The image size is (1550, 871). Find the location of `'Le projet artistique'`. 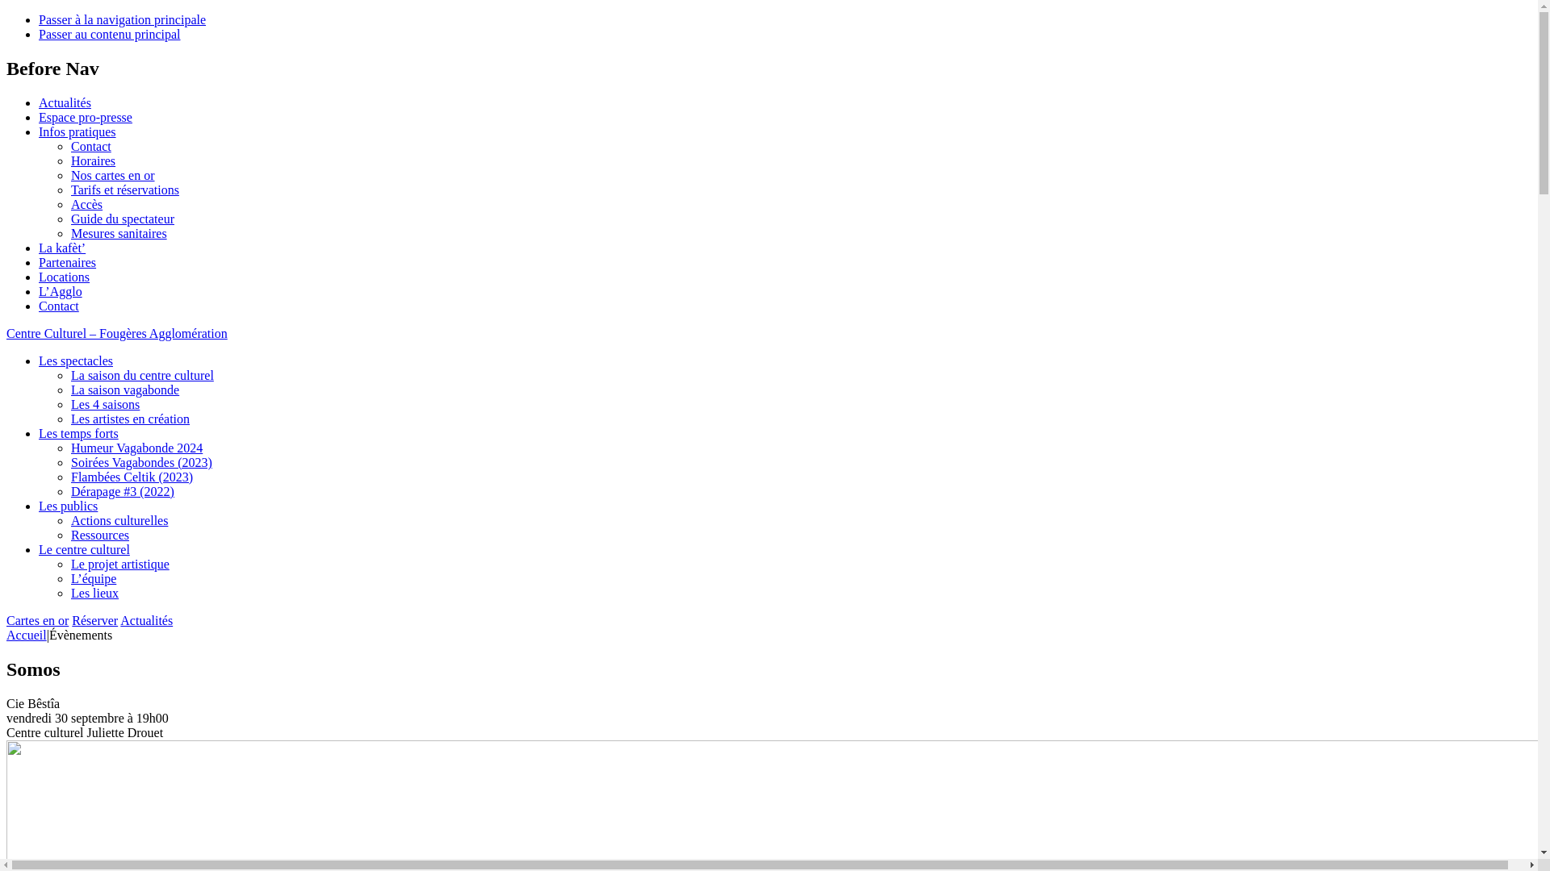

'Le projet artistique' is located at coordinates (119, 563).